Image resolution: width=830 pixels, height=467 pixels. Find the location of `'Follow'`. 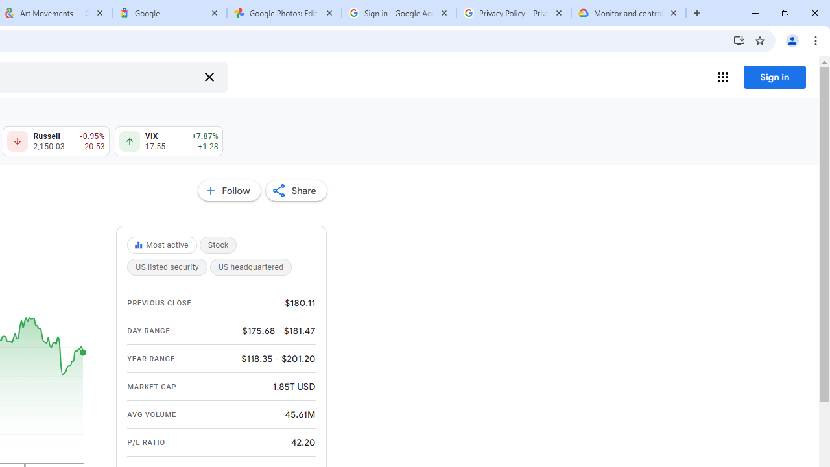

'Follow' is located at coordinates (229, 191).